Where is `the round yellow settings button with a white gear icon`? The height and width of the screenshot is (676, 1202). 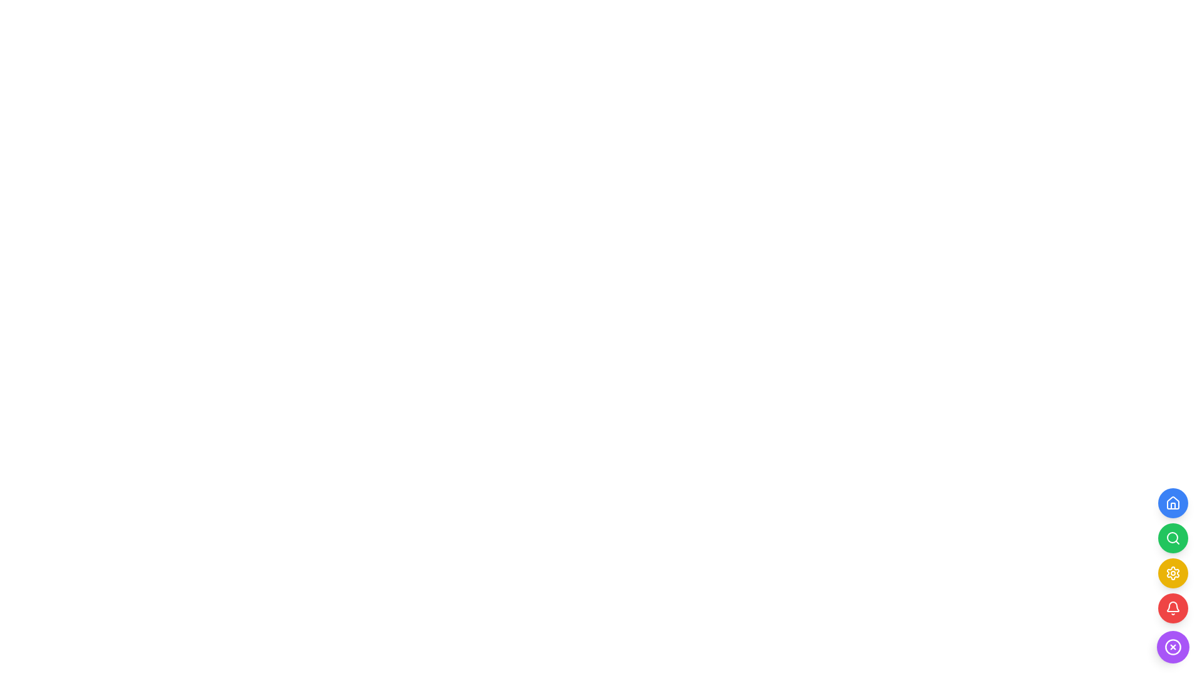
the round yellow settings button with a white gear icon is located at coordinates (1172, 576).